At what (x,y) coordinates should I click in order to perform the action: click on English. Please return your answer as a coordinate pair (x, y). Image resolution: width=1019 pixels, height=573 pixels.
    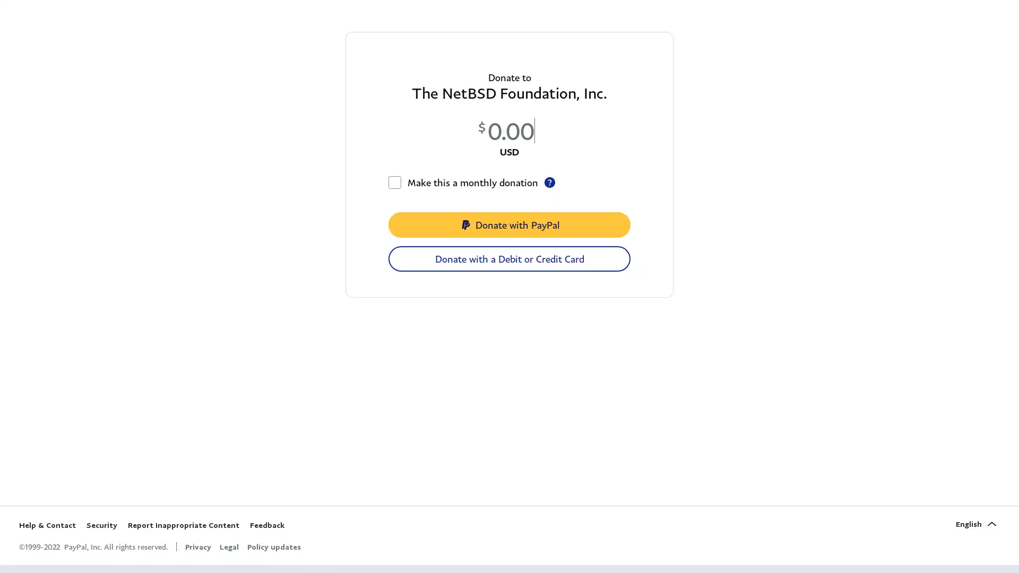
    Looking at the image, I should click on (977, 523).